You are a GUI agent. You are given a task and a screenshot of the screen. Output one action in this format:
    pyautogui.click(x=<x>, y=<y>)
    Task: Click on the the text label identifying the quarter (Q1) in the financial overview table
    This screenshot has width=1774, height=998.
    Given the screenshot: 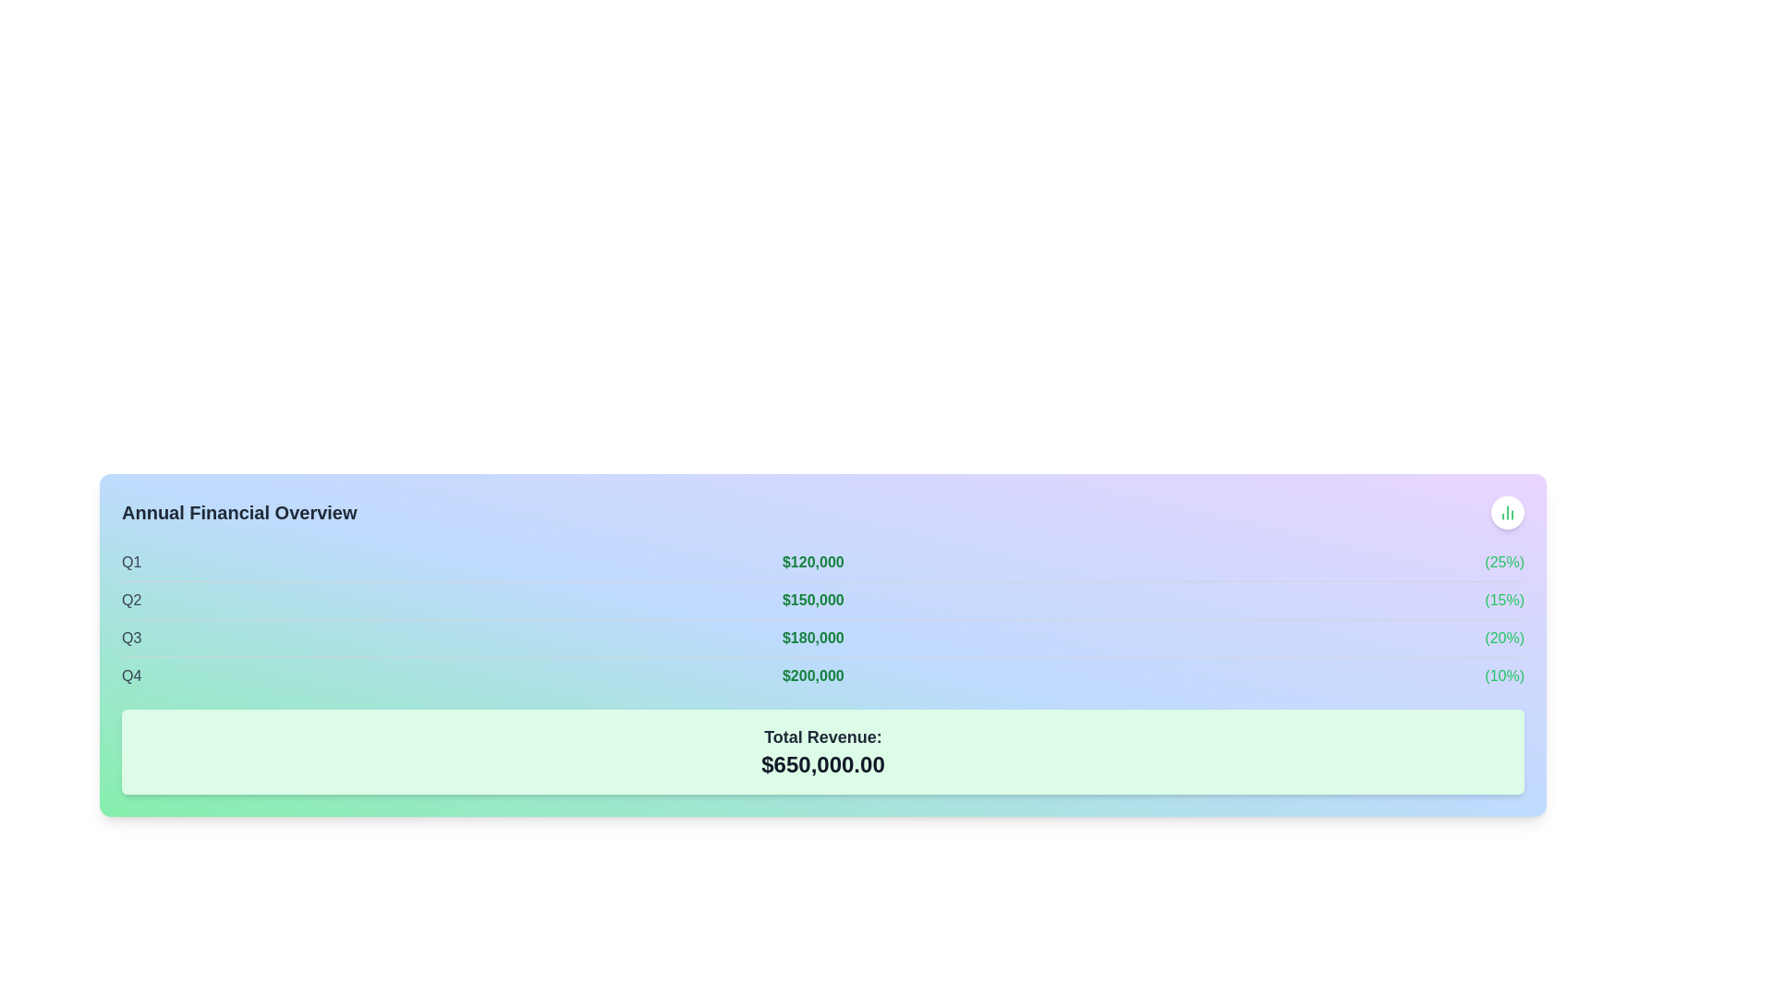 What is the action you would take?
    pyautogui.click(x=130, y=562)
    